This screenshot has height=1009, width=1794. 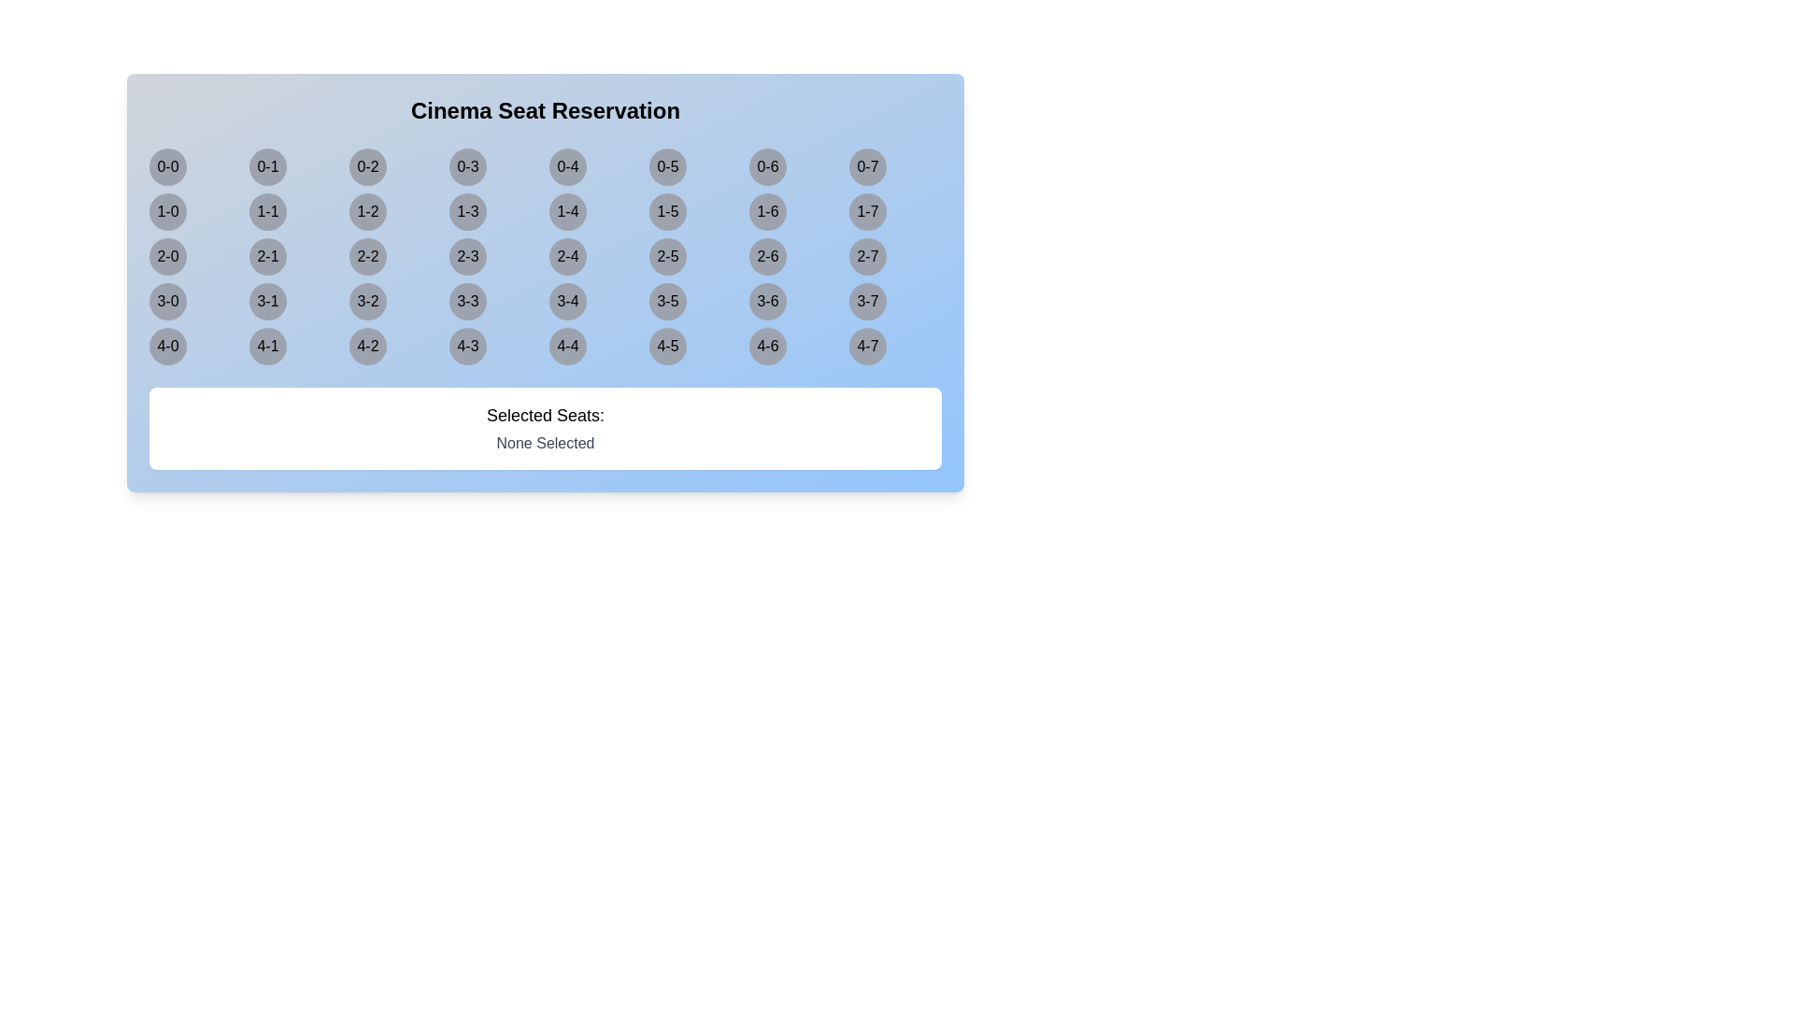 What do you see at coordinates (867, 256) in the screenshot?
I see `the circular button labeled '2-7' with a gray background located at the third row and eighth column of the grid` at bounding box center [867, 256].